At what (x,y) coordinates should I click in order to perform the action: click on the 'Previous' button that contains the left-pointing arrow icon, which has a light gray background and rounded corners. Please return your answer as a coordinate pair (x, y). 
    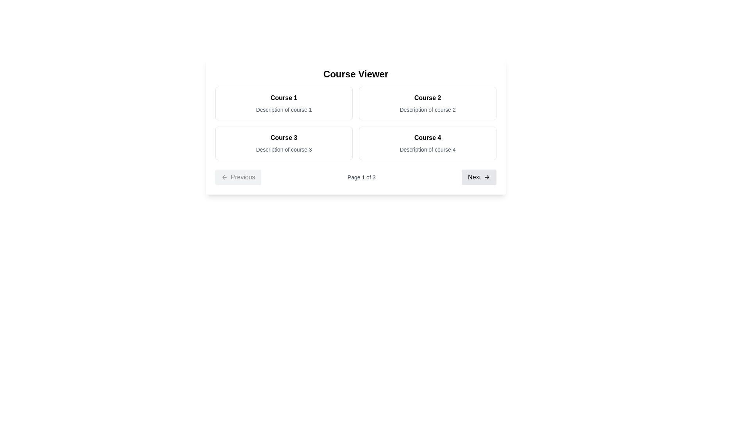
    Looking at the image, I should click on (224, 177).